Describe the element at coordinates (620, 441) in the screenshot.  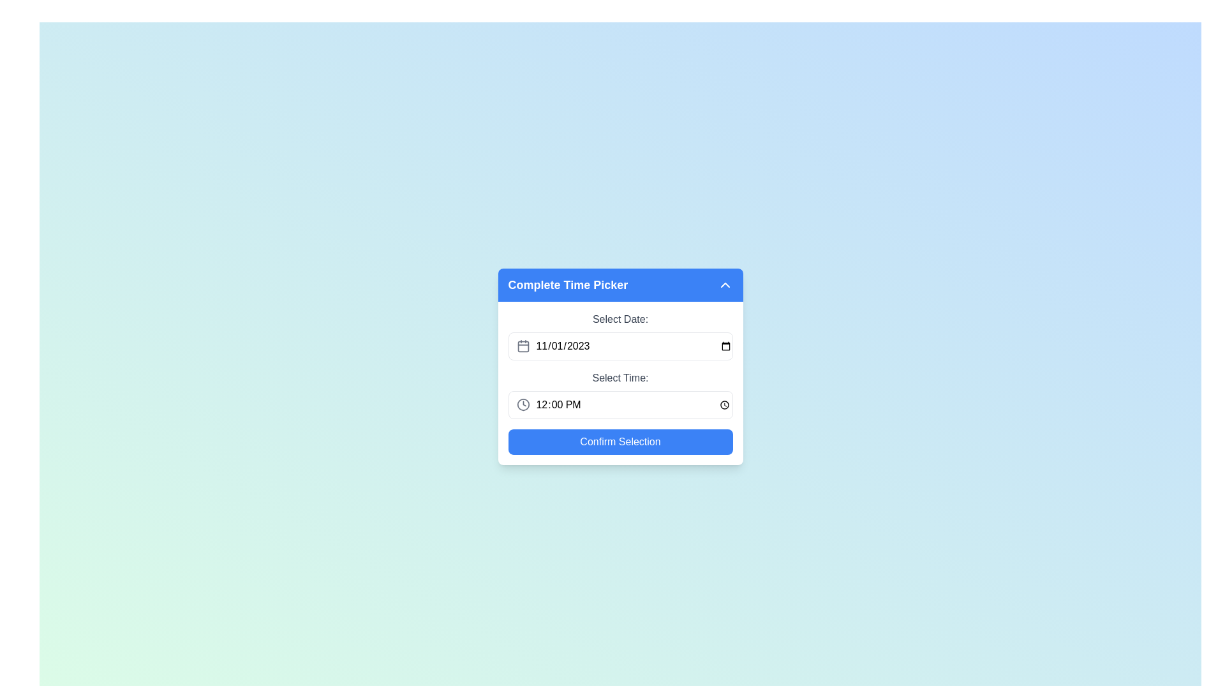
I see `the confirmation button located at the bottom of the section that confirms the selections made in the form, such as date and time` at that location.